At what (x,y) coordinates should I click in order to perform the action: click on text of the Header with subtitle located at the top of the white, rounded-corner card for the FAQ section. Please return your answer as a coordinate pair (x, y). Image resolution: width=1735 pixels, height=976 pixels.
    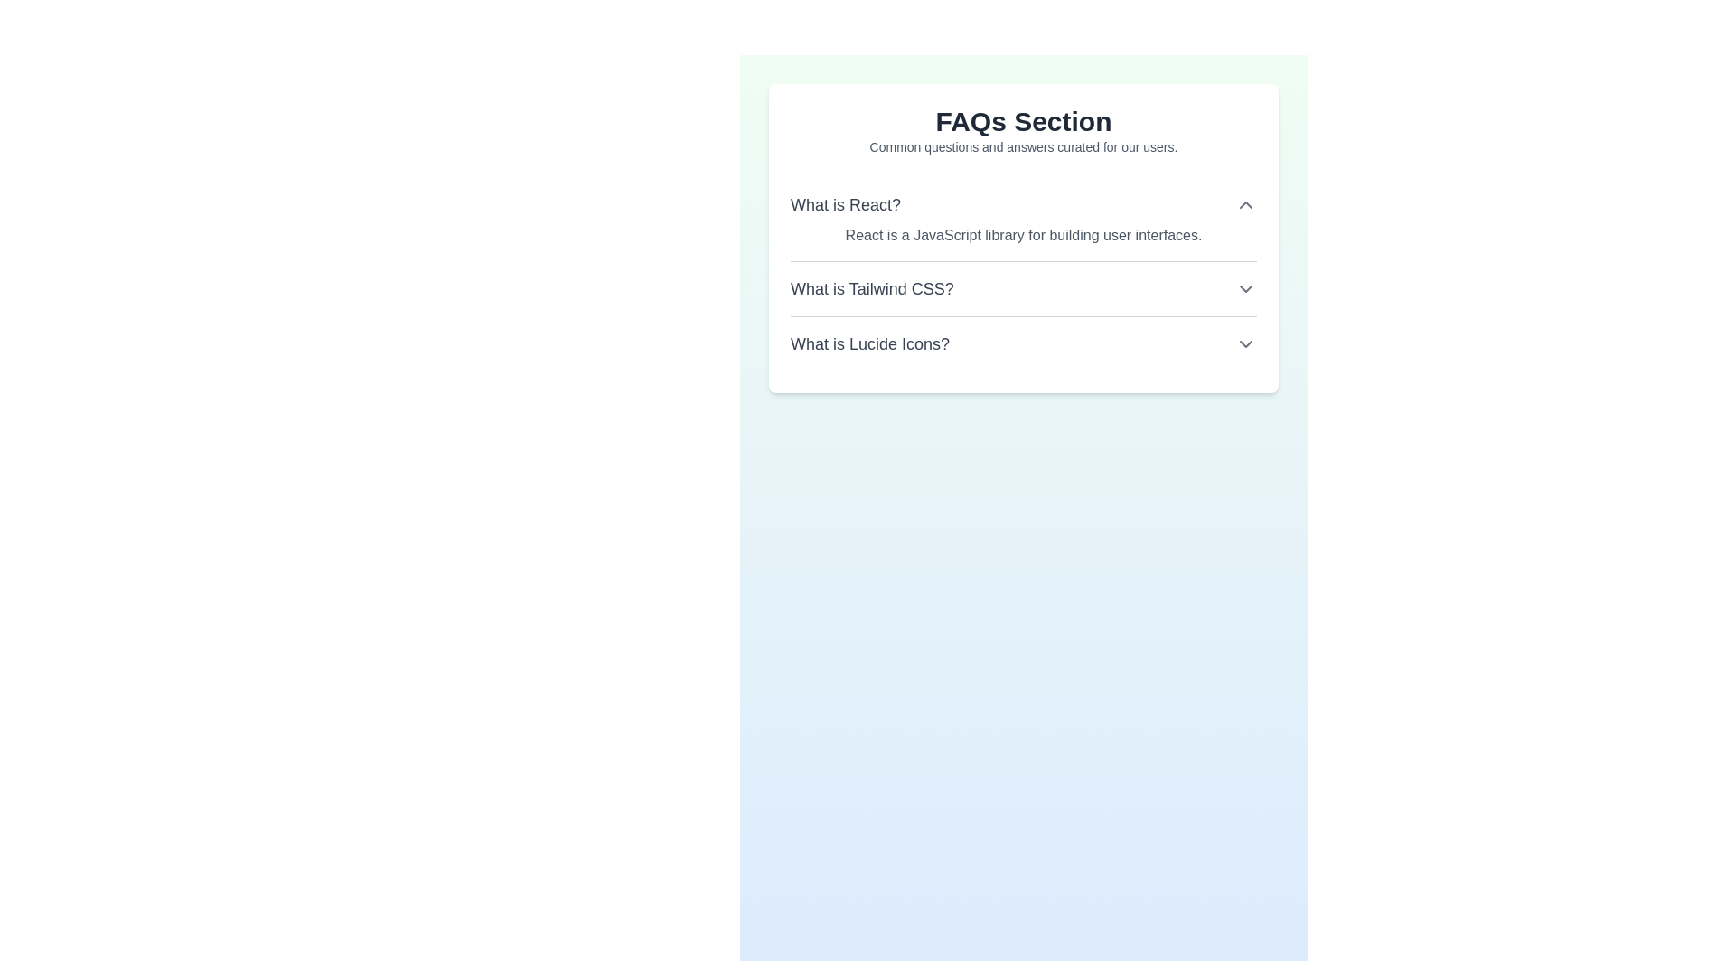
    Looking at the image, I should click on (1023, 130).